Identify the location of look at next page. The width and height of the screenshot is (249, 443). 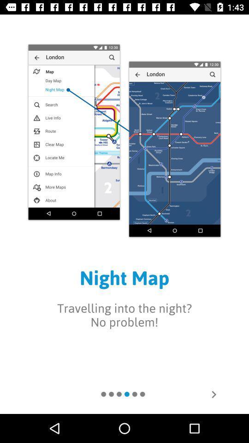
(213, 394).